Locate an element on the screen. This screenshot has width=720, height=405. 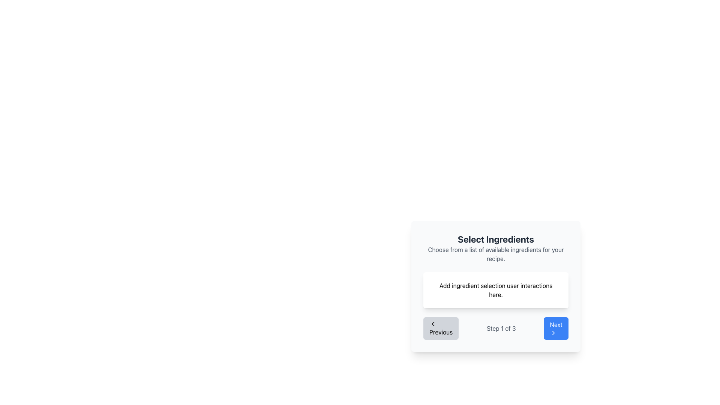
the 'Next' button located at the far right of the horizontal navigation bar is located at coordinates (556, 328).